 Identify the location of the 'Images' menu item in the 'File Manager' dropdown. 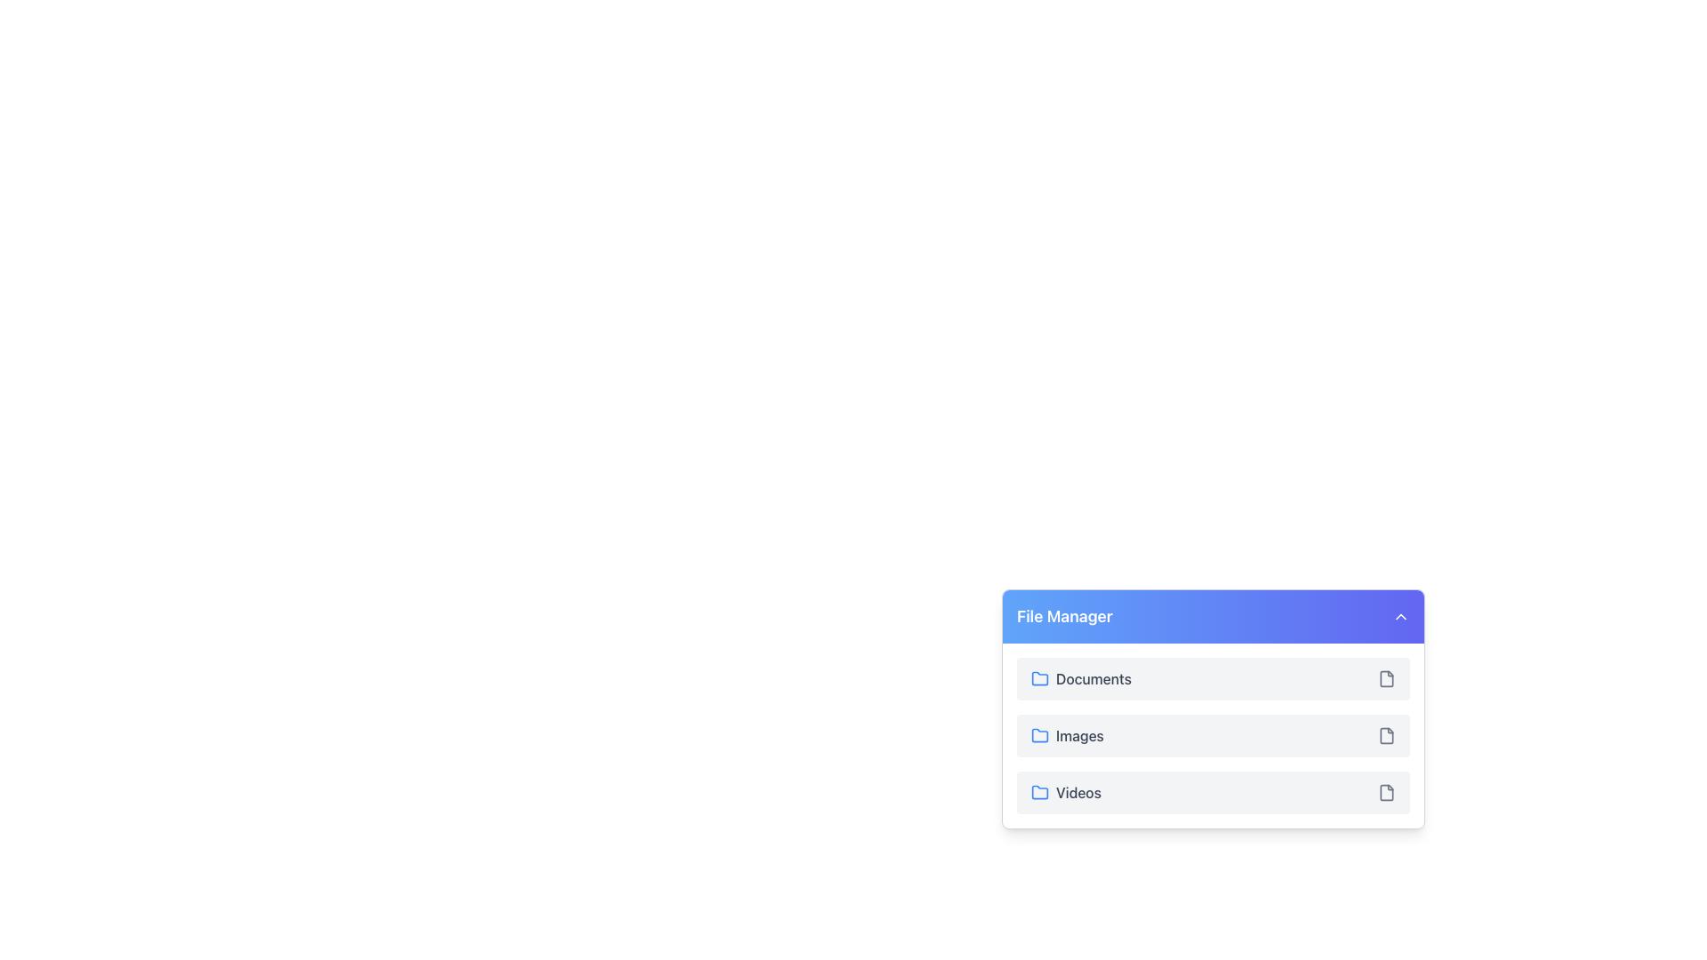
(1212, 736).